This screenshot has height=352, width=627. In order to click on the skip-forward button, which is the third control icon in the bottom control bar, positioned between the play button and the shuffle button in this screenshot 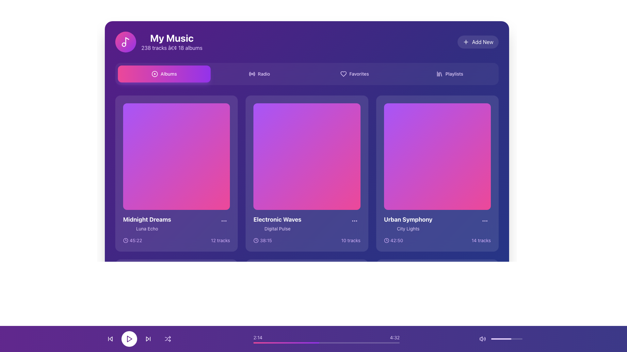, I will do `click(148, 339)`.